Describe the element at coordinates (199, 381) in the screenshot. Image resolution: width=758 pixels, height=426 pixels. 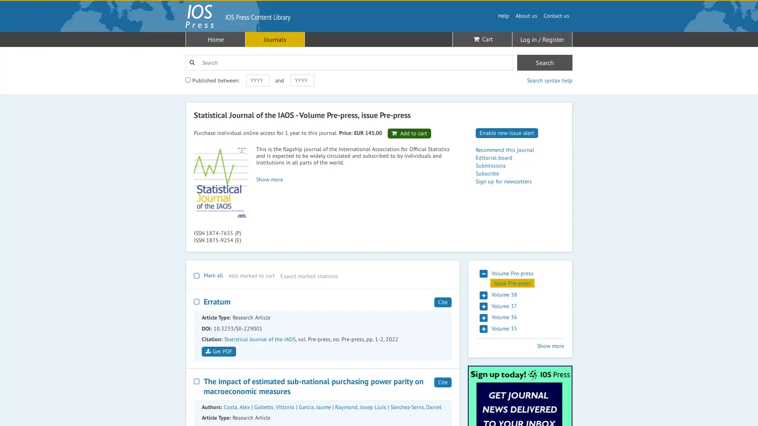
I see `Select this result for bulk action` at that location.